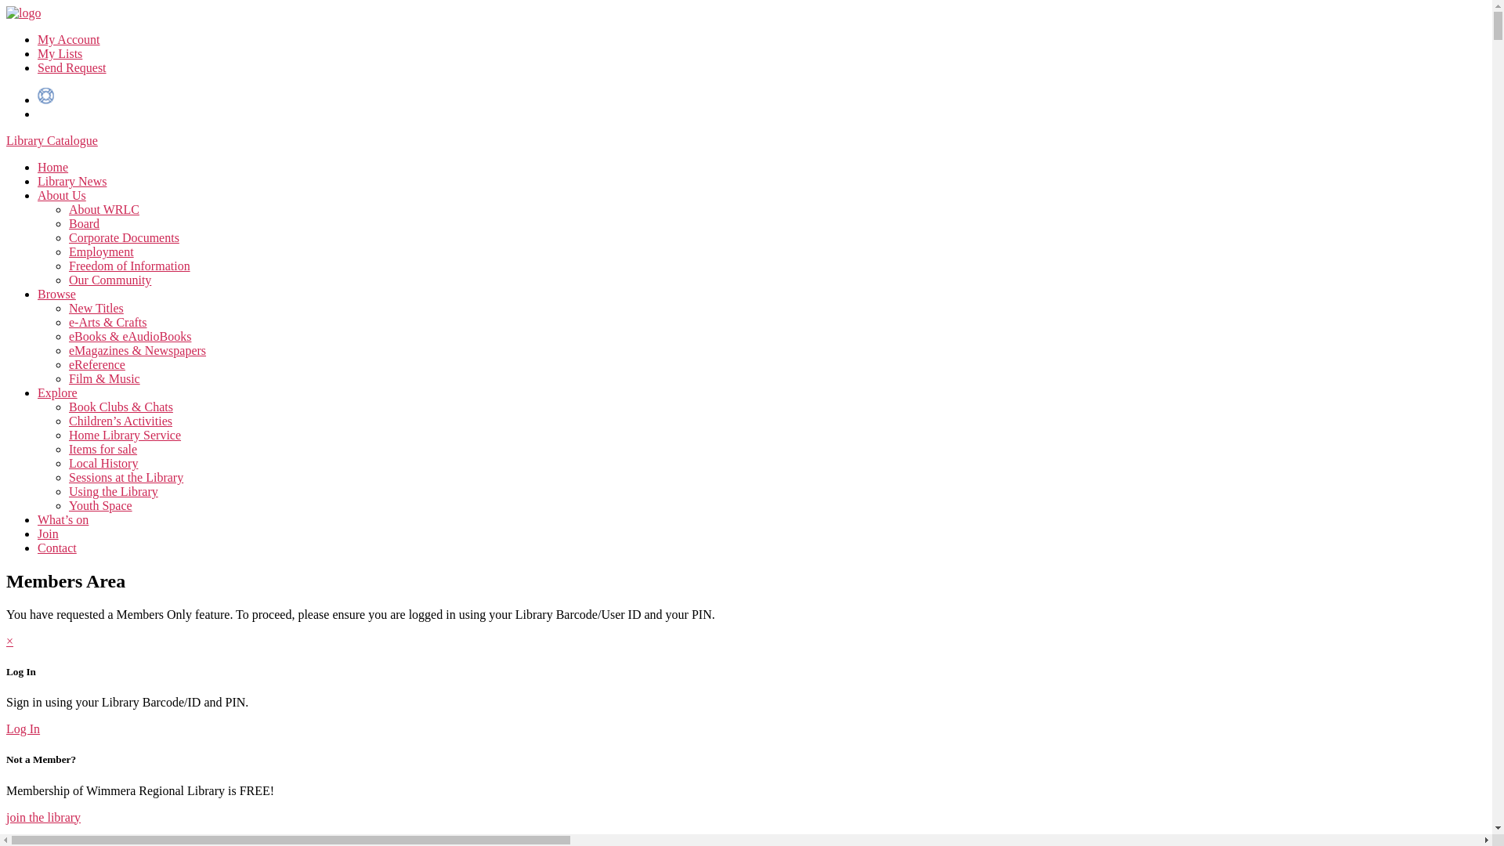  I want to click on 'Home Library Service', so click(67, 435).